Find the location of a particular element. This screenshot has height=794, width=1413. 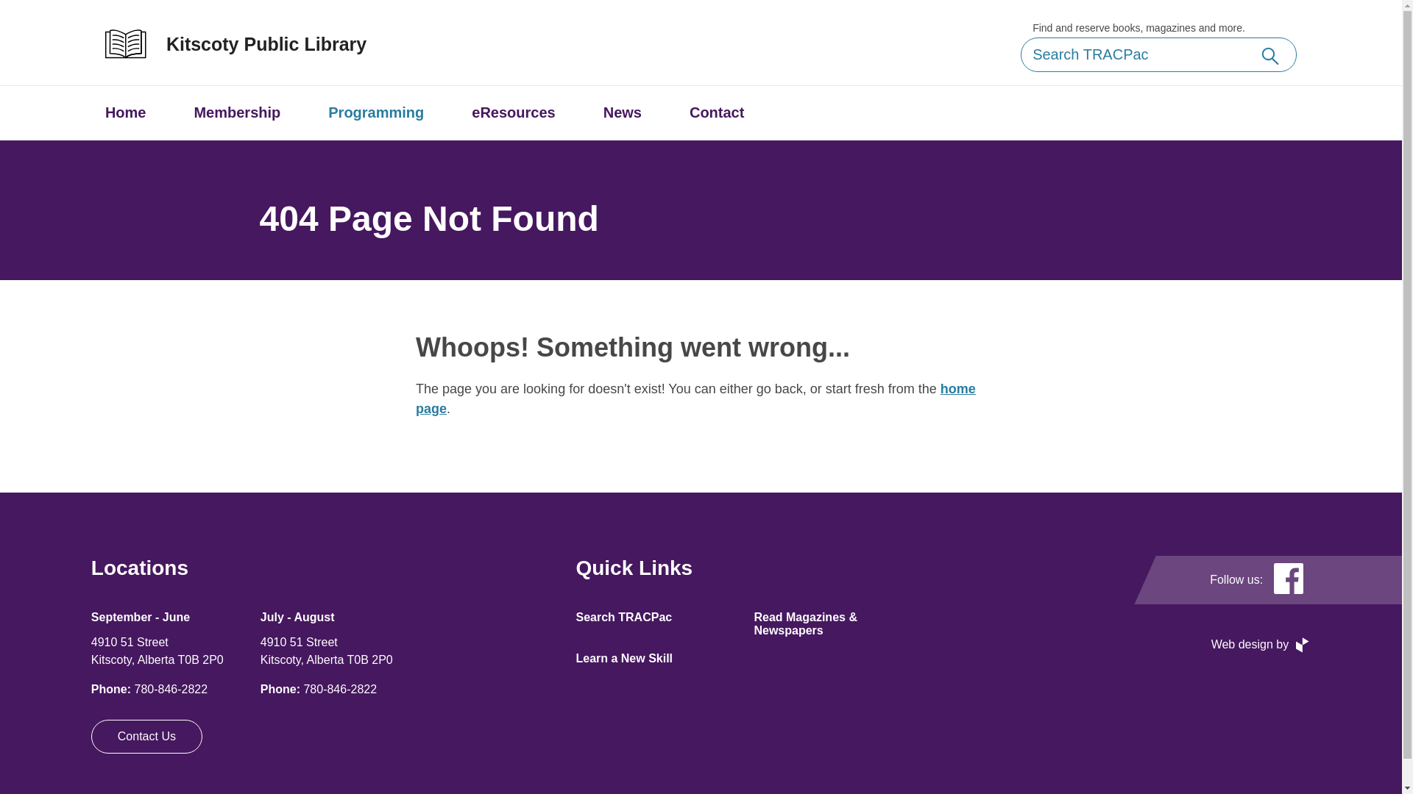

'Membership' is located at coordinates (236, 112).